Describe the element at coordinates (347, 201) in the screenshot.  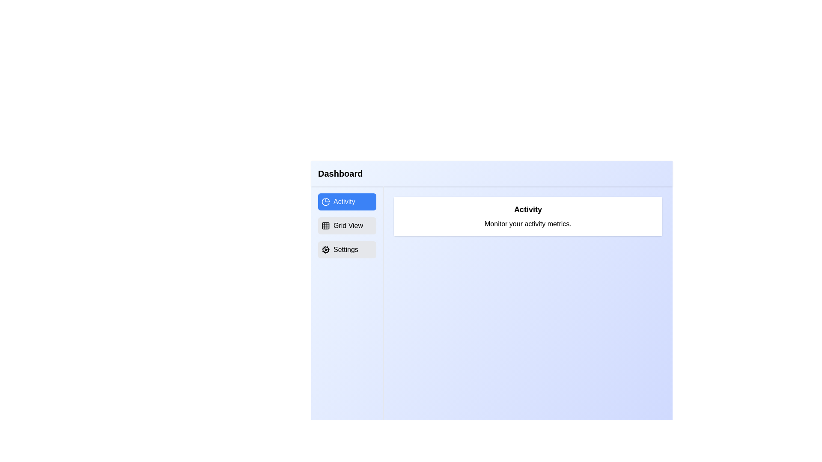
I see `the menu item Activity by clicking on it` at that location.